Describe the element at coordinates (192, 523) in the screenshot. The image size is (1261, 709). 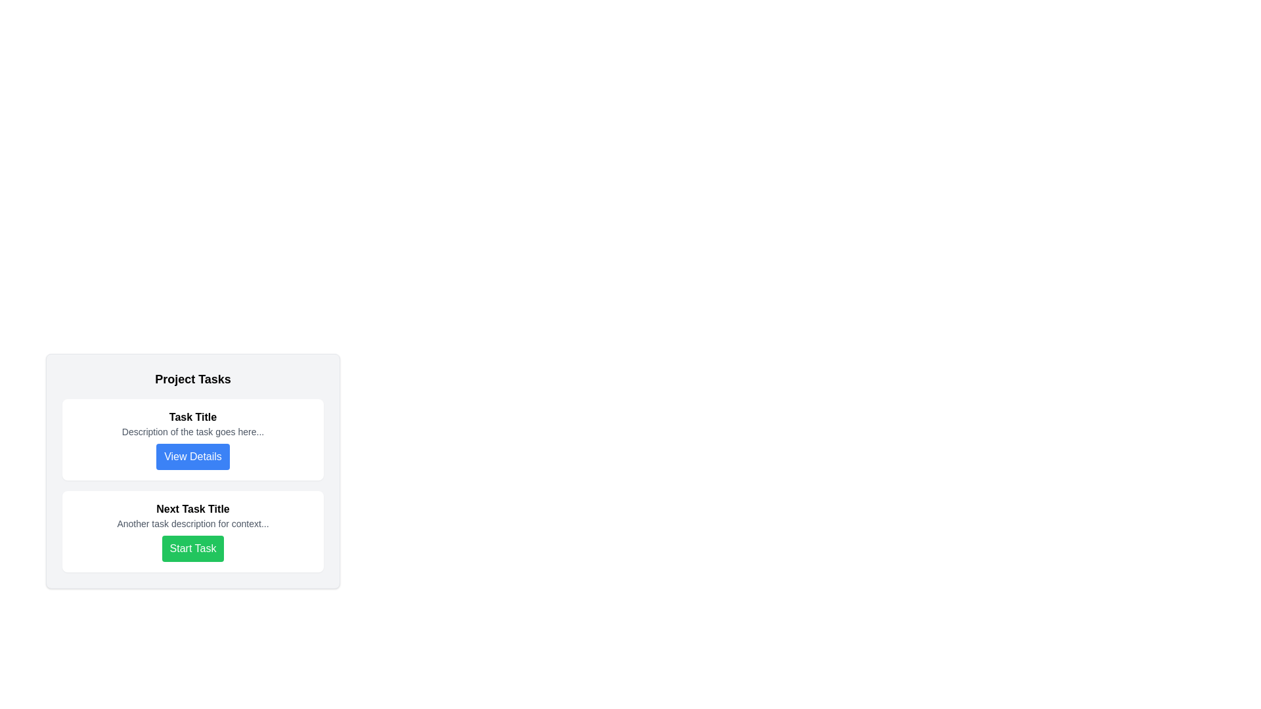
I see `text label containing the phrase 'Another task description for context...', which is styled in a smaller font size and gray color, located below the 'Next Task Title' and above the 'Start Task' button` at that location.